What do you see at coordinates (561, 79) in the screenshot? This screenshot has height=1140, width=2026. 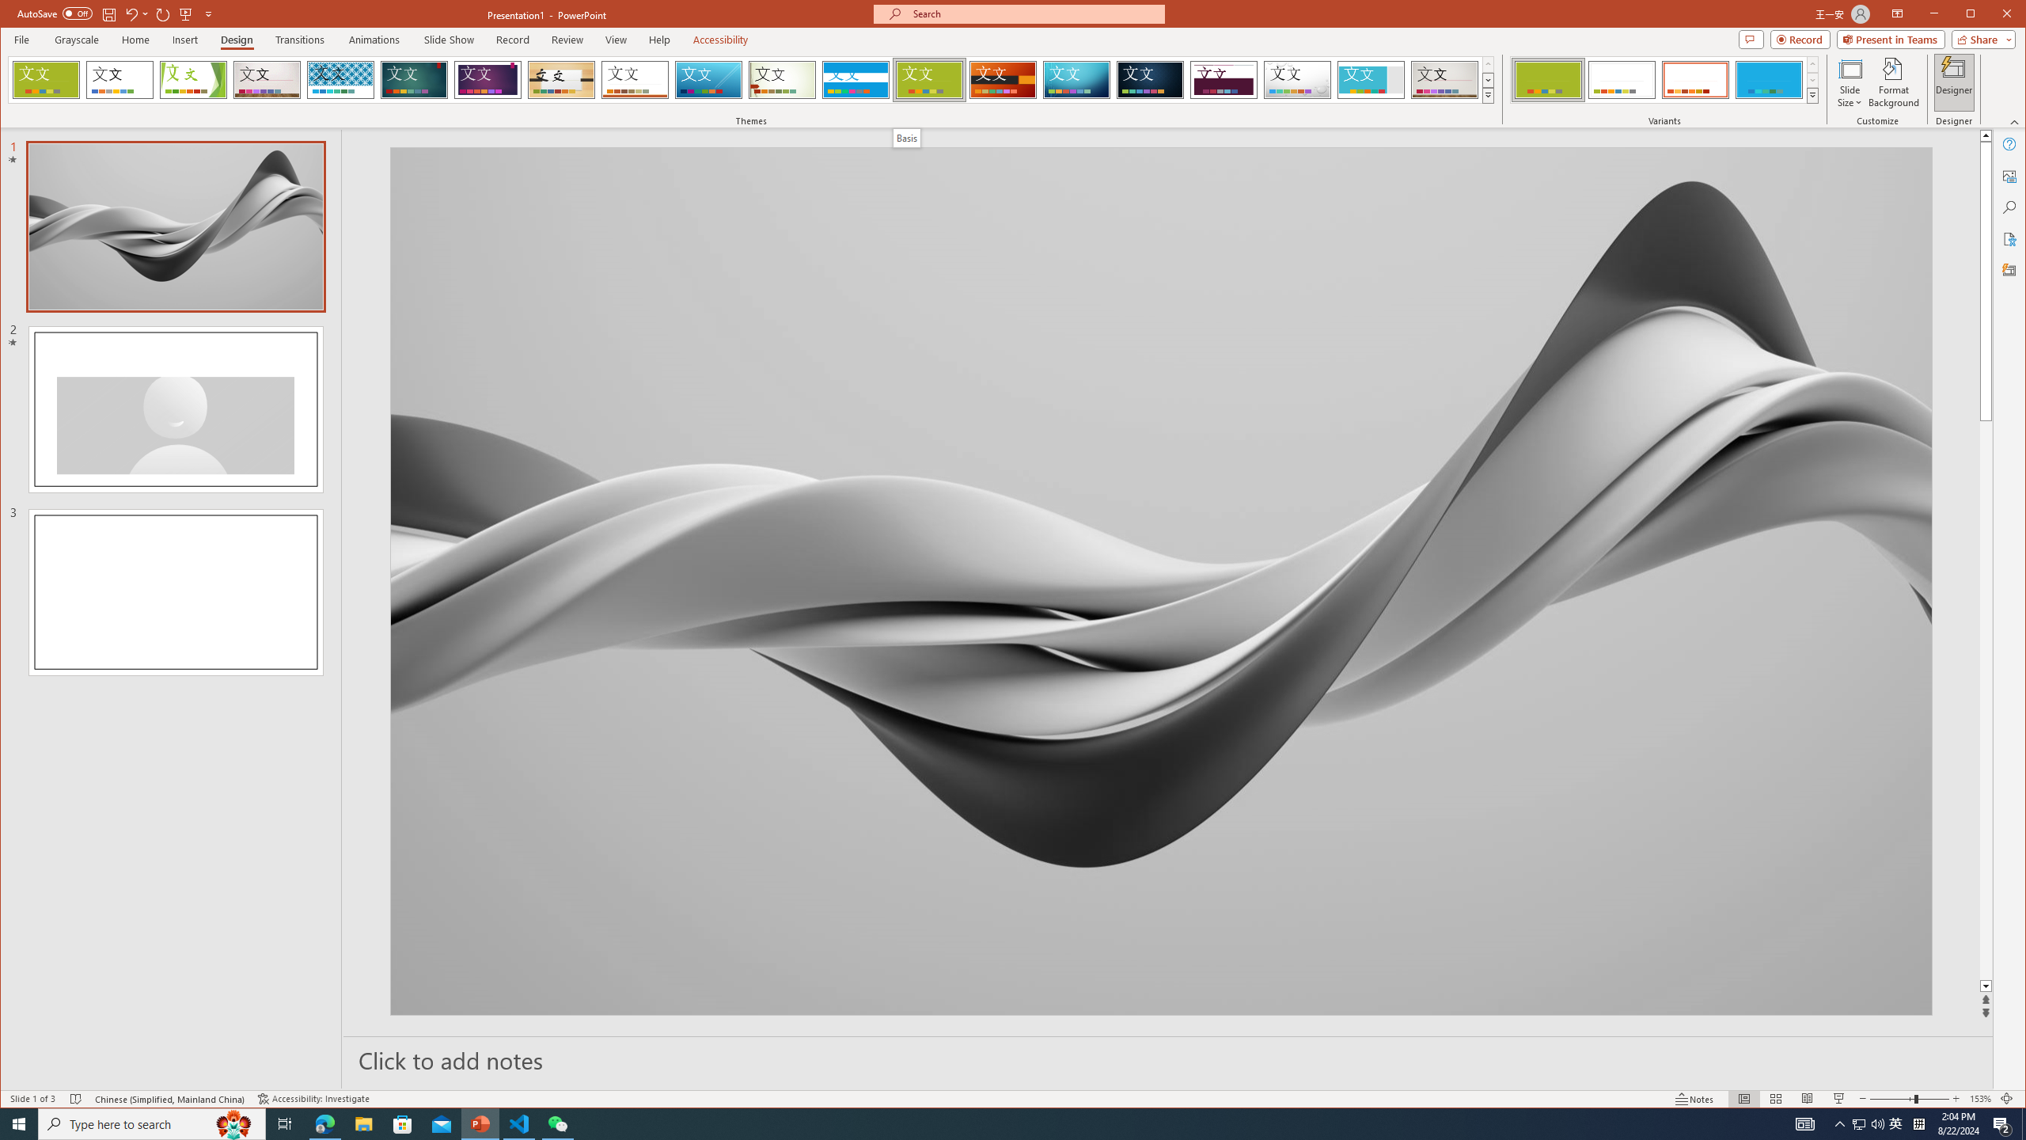 I see `'Organic'` at bounding box center [561, 79].